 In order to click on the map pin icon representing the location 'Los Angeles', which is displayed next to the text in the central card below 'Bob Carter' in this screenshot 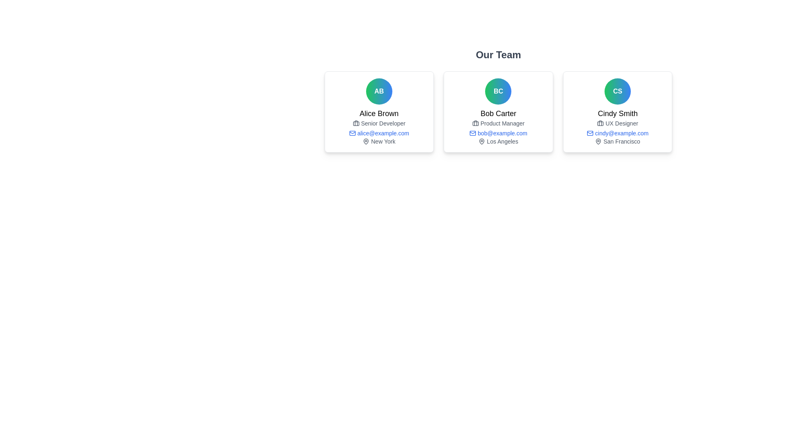, I will do `click(482, 141)`.